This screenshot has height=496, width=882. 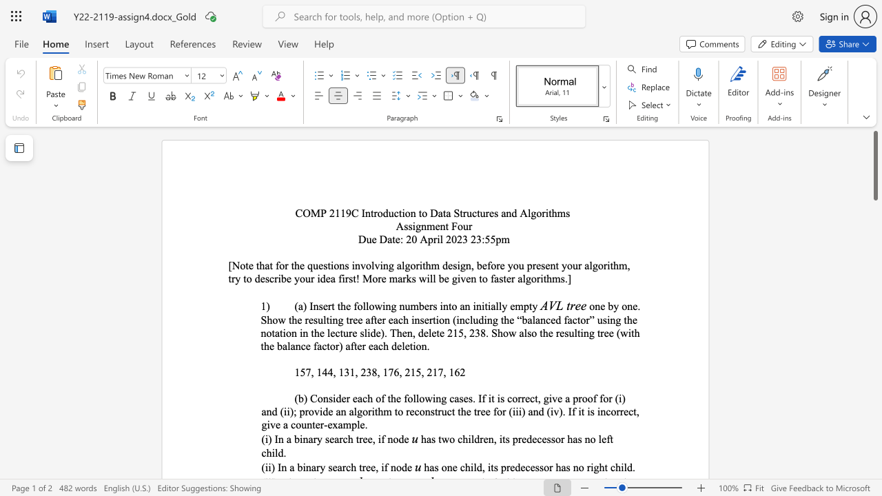 What do you see at coordinates (874, 455) in the screenshot?
I see `the scrollbar on the right` at bounding box center [874, 455].